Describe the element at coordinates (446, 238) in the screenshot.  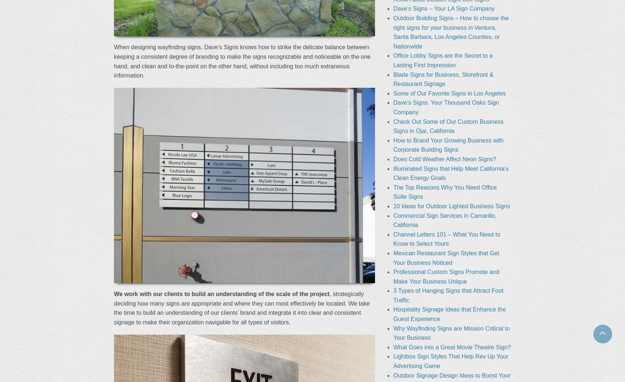
I see `'Channel Letters 101 – What You Need to Know to Select Yours'` at that location.